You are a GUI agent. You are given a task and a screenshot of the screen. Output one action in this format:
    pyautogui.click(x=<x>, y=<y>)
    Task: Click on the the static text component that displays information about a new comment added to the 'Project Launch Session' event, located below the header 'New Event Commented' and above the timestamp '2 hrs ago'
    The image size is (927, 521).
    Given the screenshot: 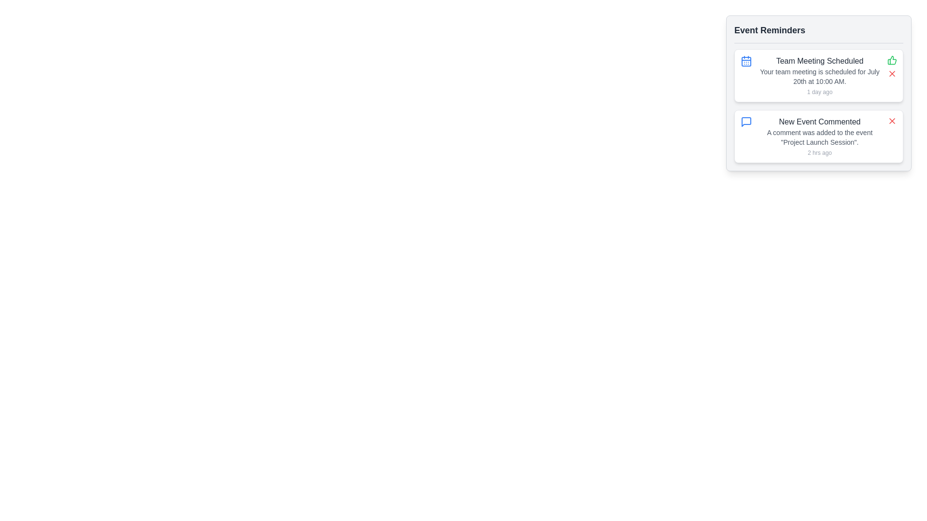 What is the action you would take?
    pyautogui.click(x=819, y=137)
    